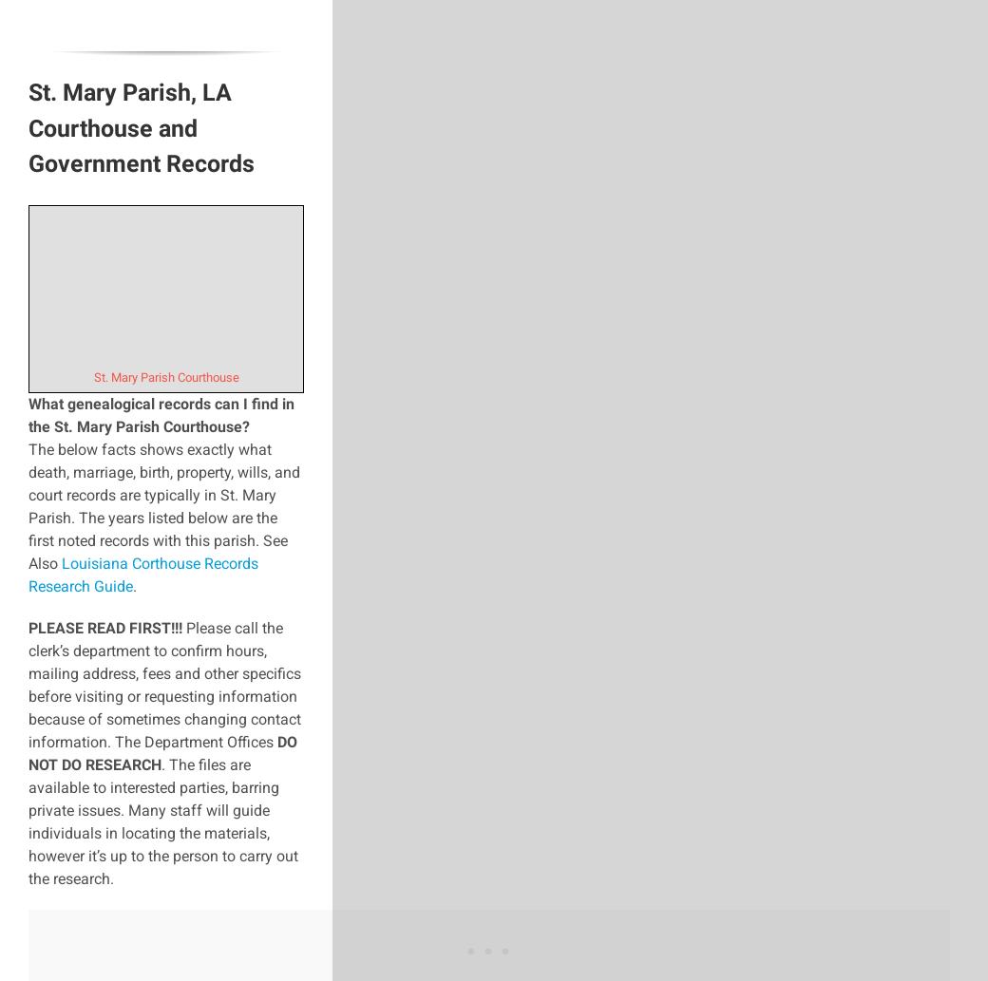 The height and width of the screenshot is (981, 988). What do you see at coordinates (142, 128) in the screenshot?
I see `'St. Mary Parish, LA Courthouse and Government Records'` at bounding box center [142, 128].